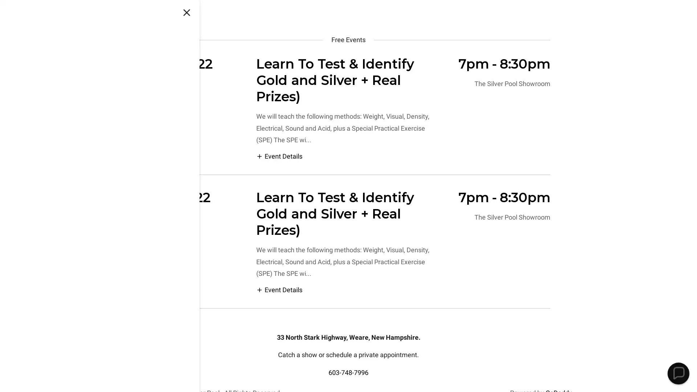  I want to click on Chat widget toggle, so click(678, 373).